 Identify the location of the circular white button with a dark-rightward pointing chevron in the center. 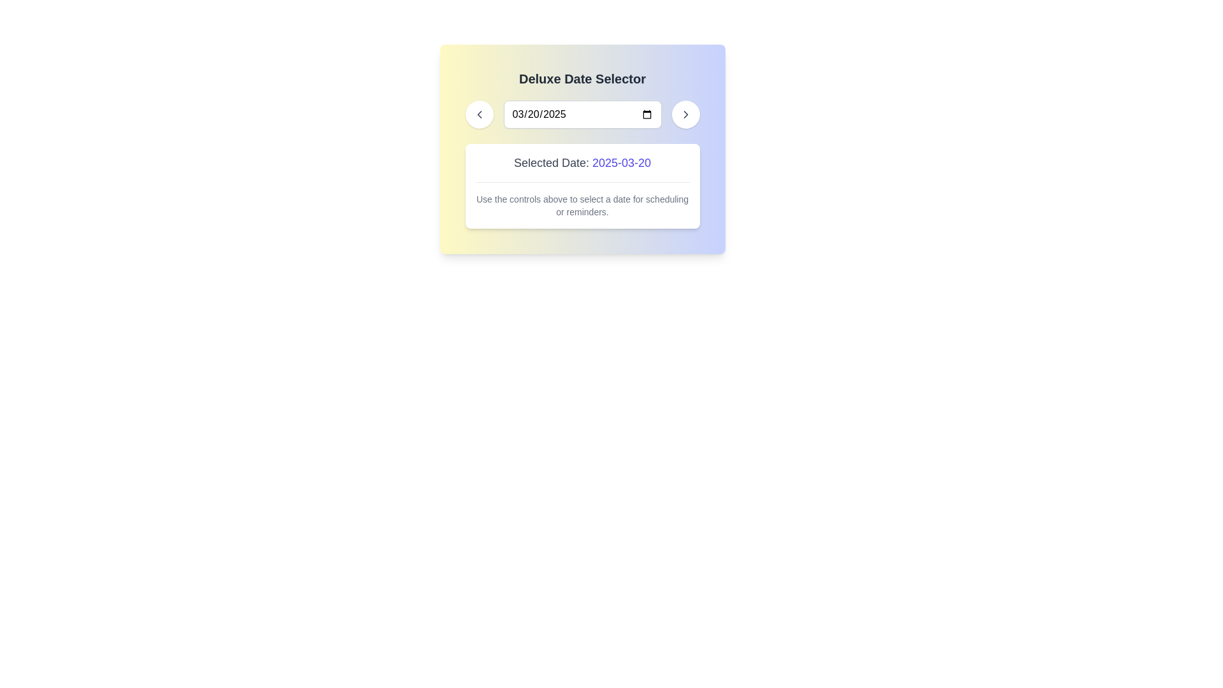
(685, 115).